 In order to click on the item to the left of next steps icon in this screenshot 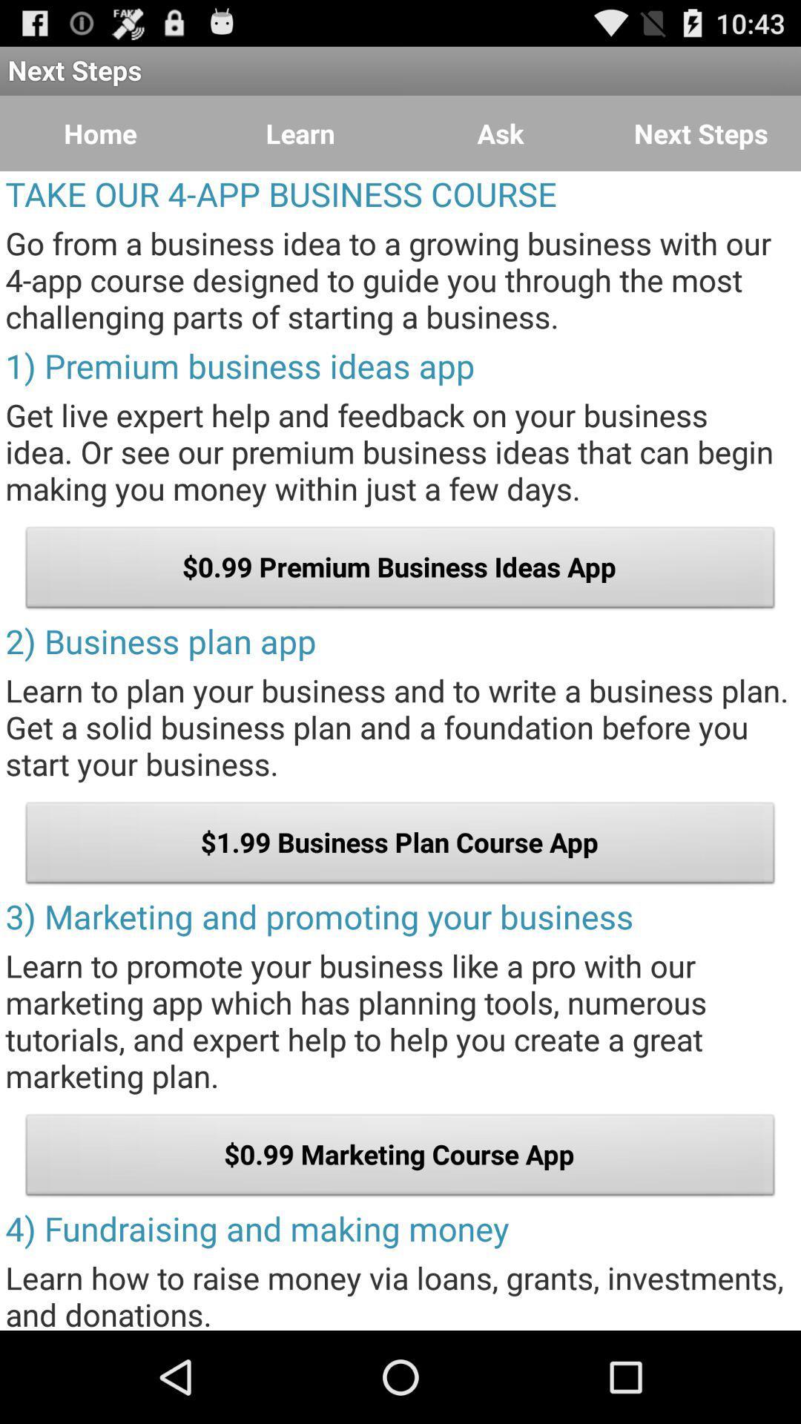, I will do `click(501, 133)`.